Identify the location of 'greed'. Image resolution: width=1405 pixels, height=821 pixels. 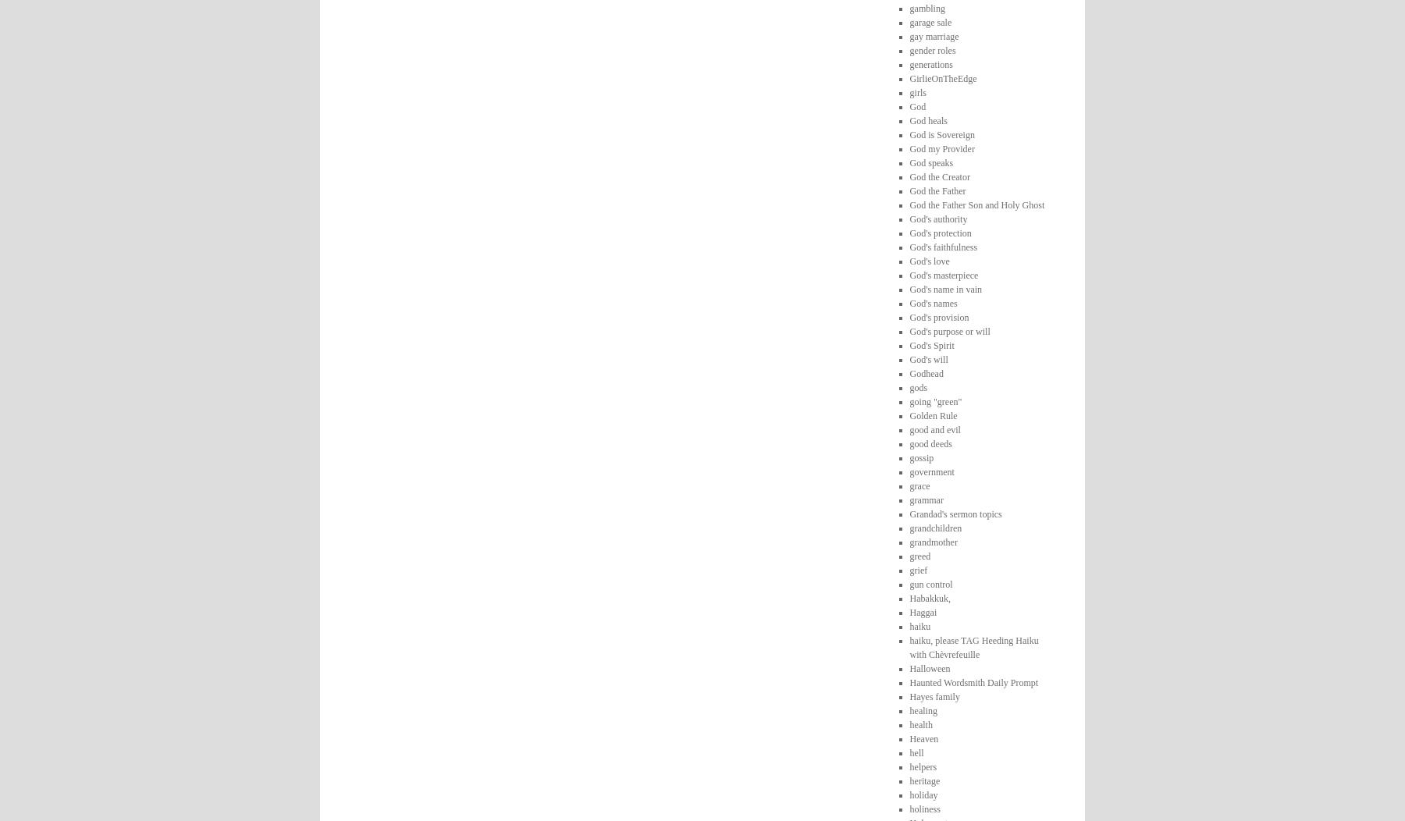
(919, 555).